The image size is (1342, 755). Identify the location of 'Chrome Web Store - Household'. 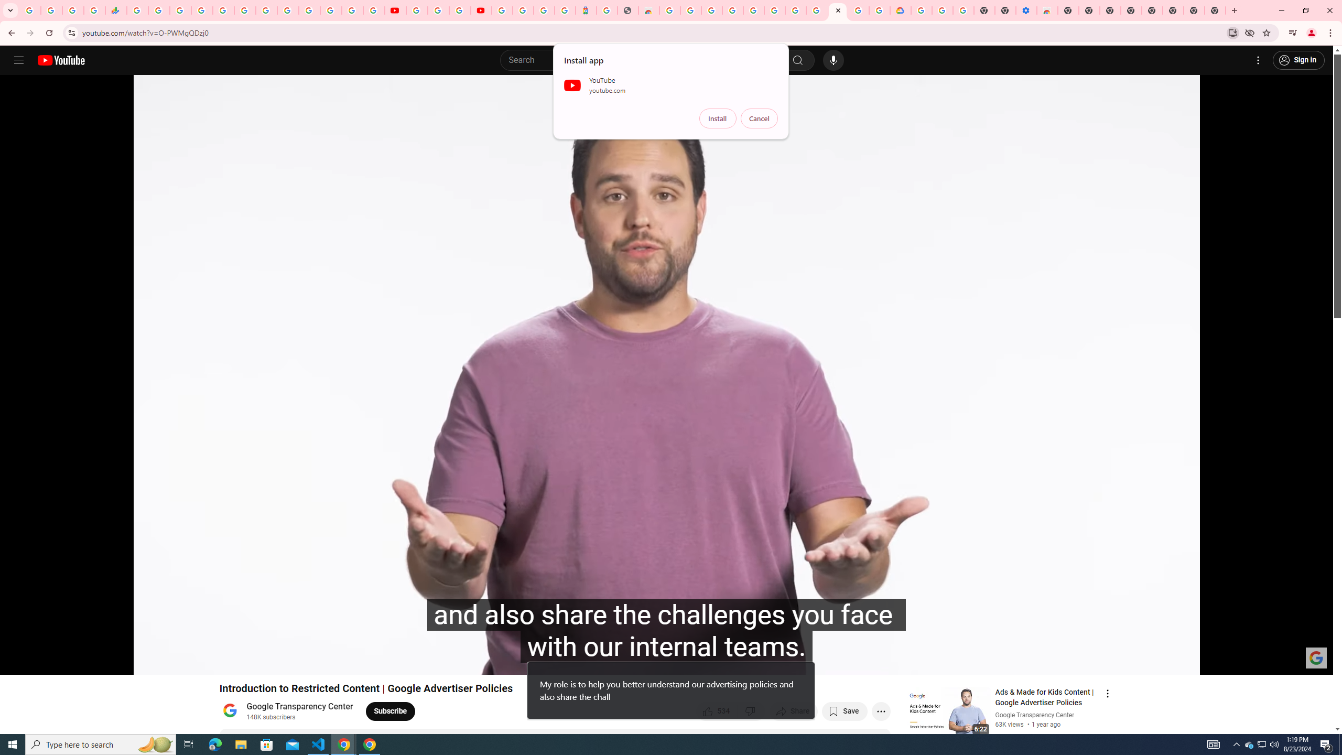
(648, 10).